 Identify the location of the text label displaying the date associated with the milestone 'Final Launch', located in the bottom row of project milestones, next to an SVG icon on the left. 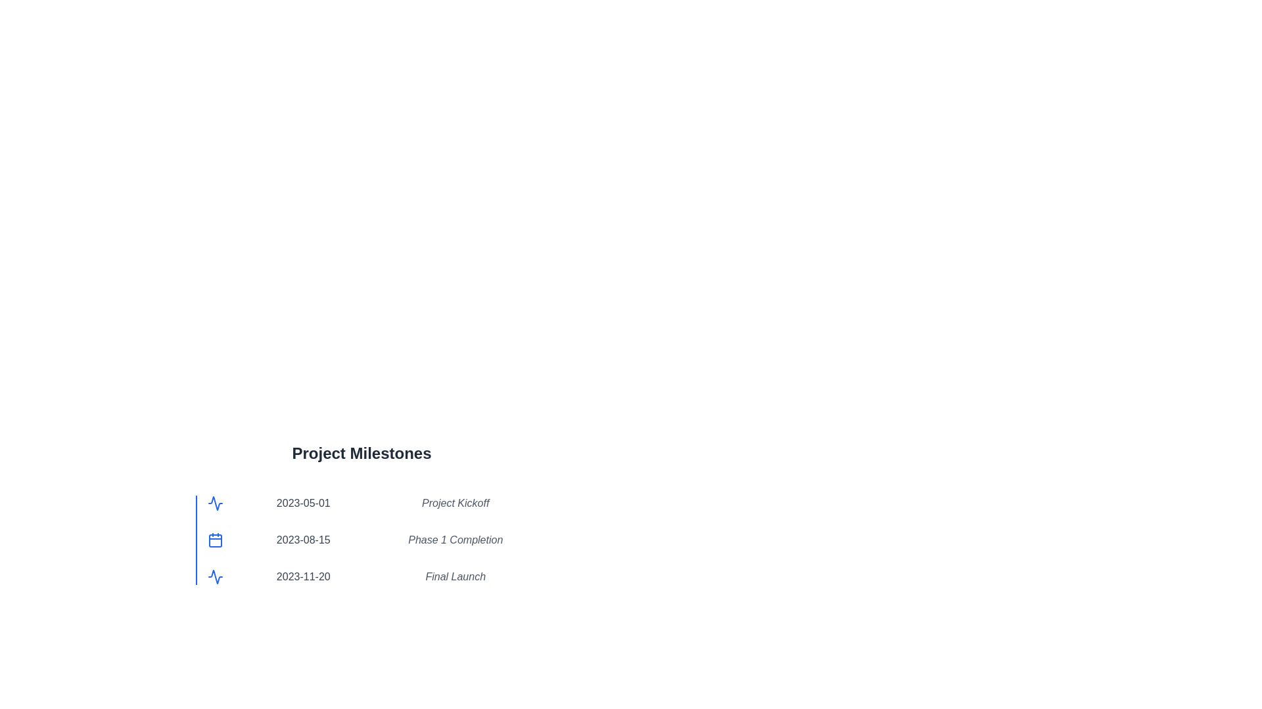
(302, 576).